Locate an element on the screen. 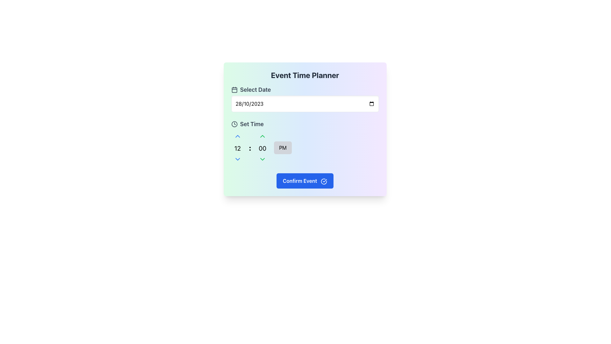 Image resolution: width=611 pixels, height=344 pixels. the decrement button, which is the second interactive button below the '00' display and the upward chevron icon is located at coordinates (263, 159).